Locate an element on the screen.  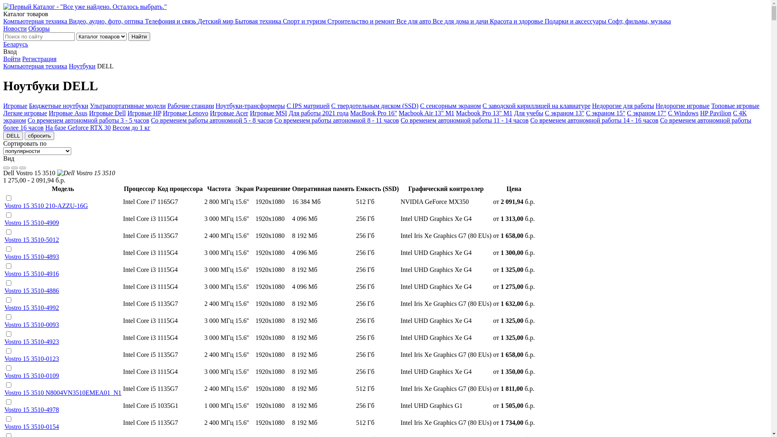
'Vostro 15 3510-4886' is located at coordinates (32, 290).